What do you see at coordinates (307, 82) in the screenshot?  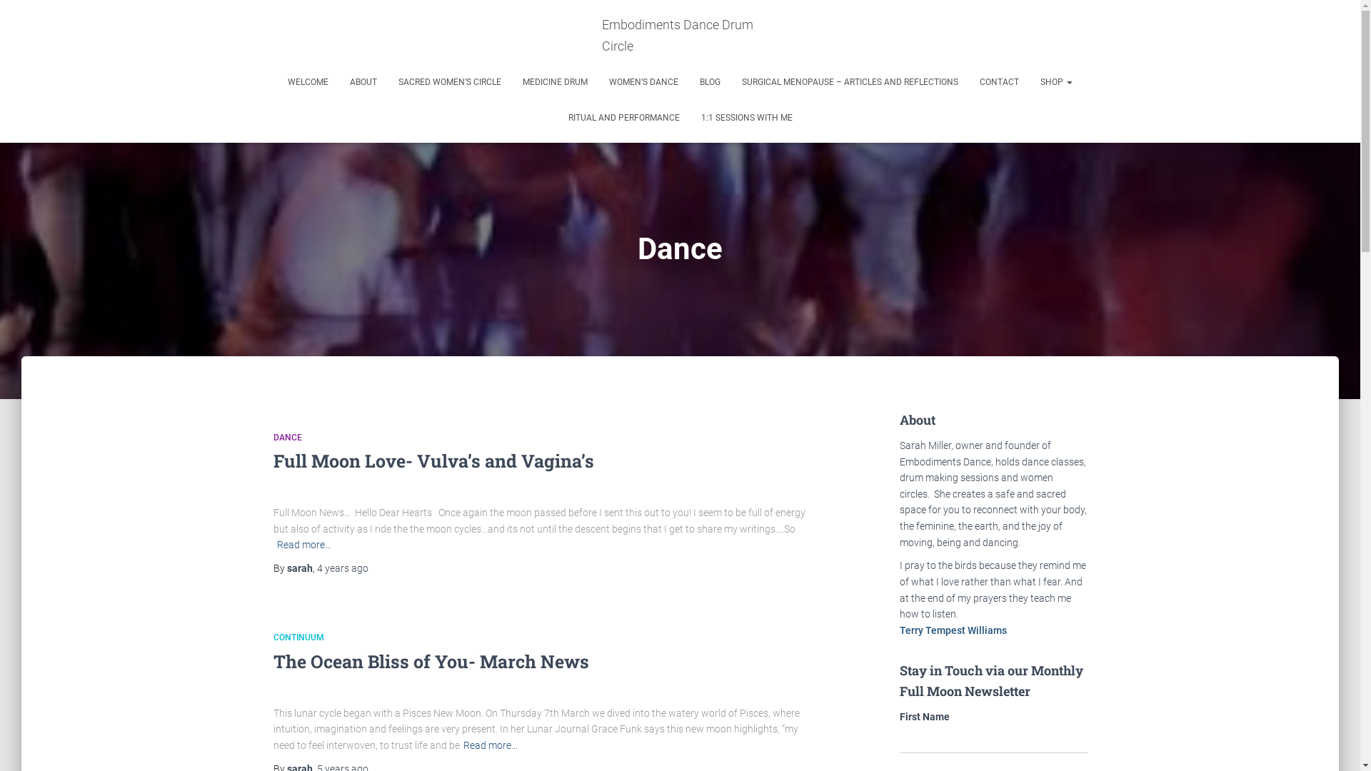 I see `'WELCOME'` at bounding box center [307, 82].